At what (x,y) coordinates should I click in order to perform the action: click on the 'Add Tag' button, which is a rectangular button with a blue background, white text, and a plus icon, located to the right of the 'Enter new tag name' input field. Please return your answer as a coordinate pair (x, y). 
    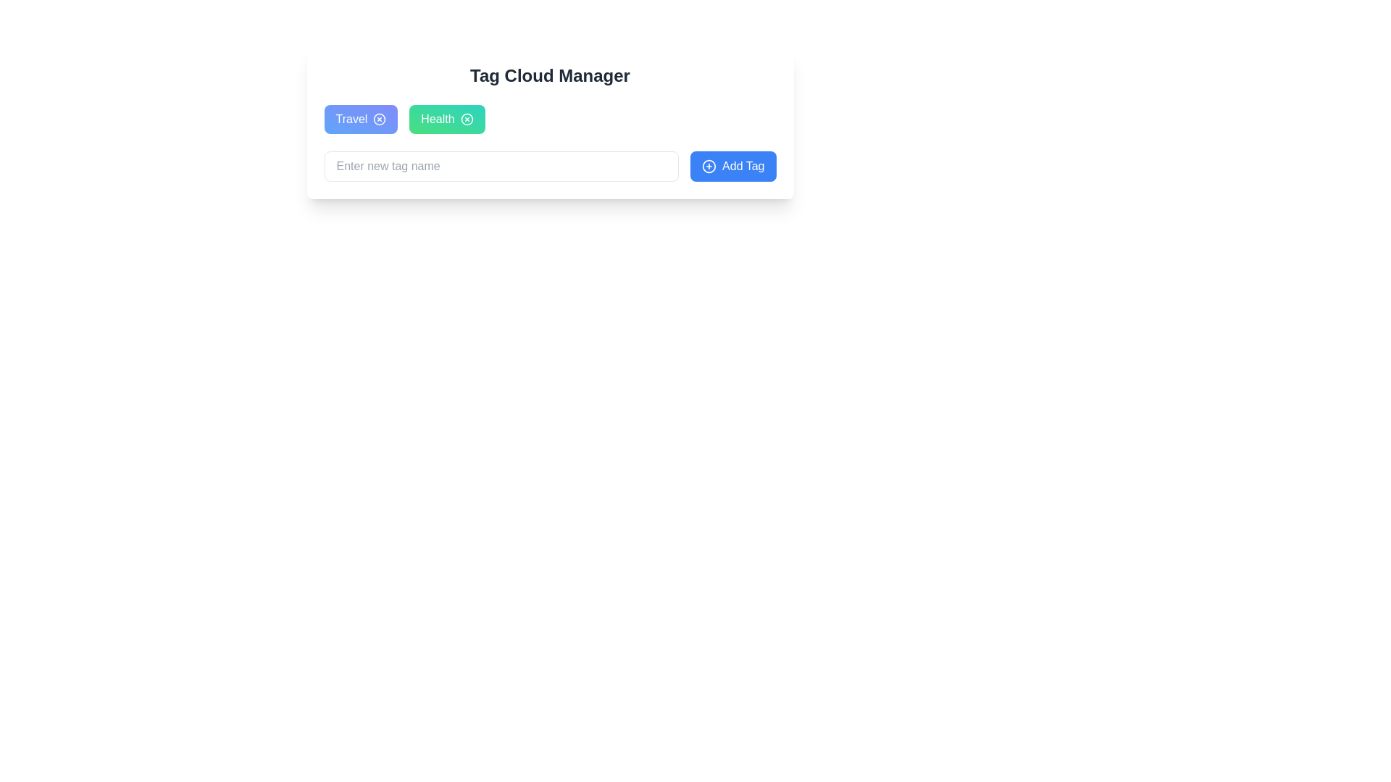
    Looking at the image, I should click on (733, 166).